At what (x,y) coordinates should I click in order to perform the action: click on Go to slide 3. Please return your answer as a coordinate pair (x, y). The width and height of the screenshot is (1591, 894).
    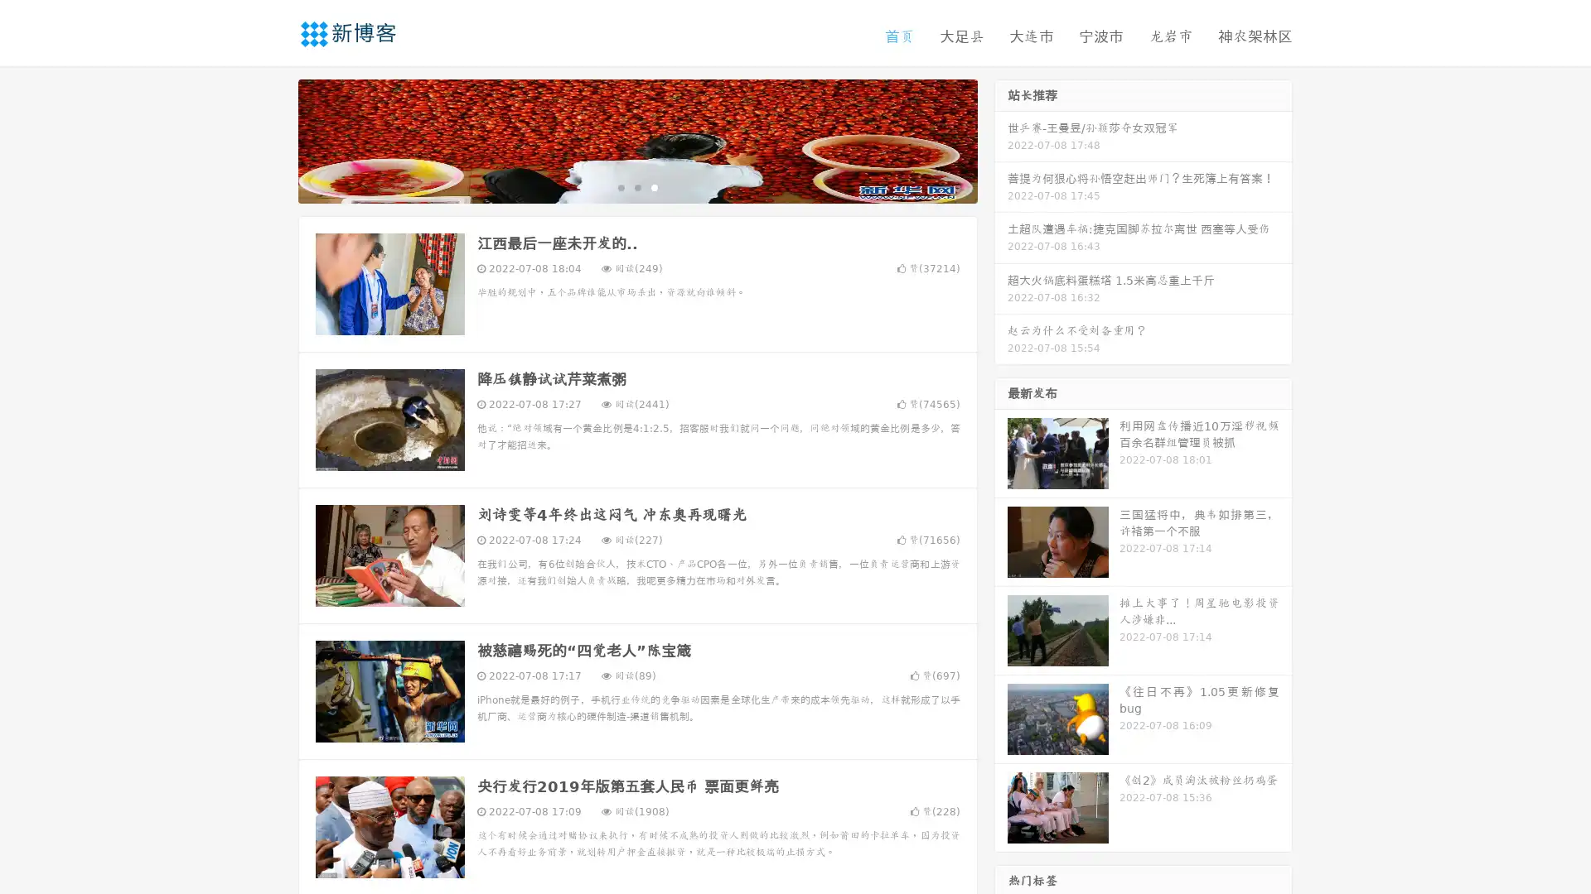
    Looking at the image, I should click on (654, 186).